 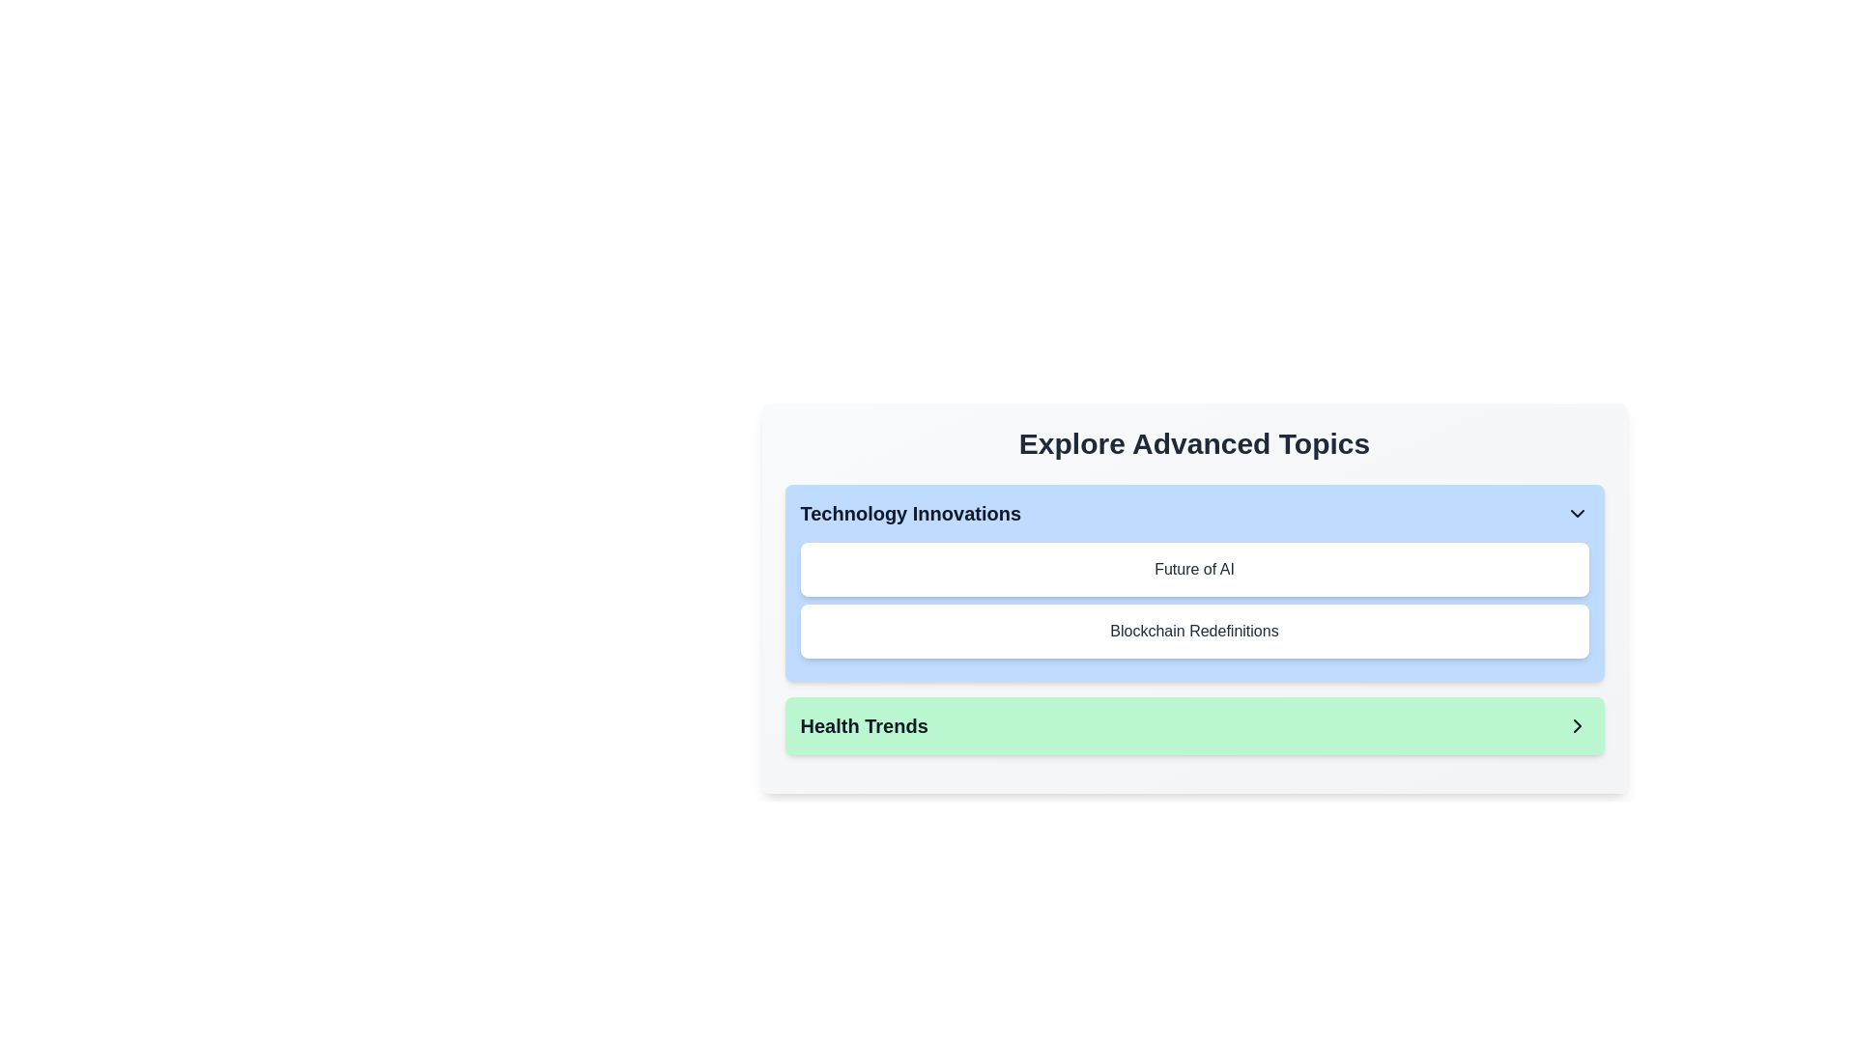 I want to click on the text label that reads 'Explore Advanced Topics', which is a bold, medium-large font positioned at the top of a white-themed card, so click(x=1193, y=443).